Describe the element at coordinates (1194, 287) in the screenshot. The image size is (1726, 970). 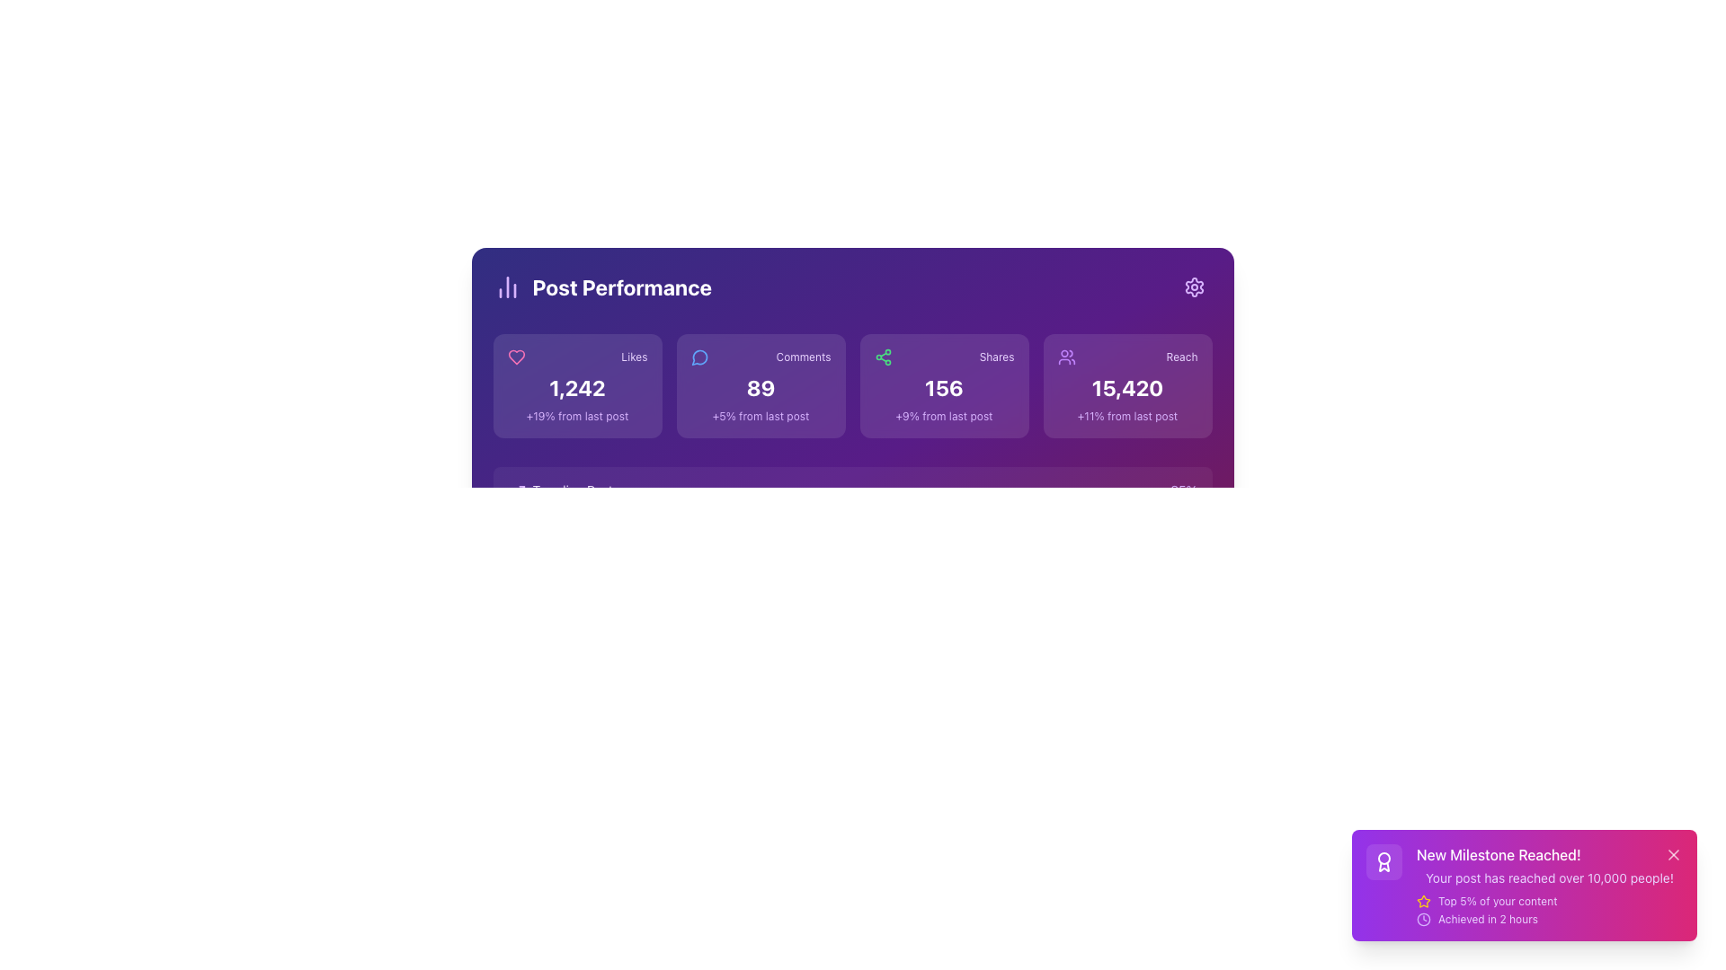
I see `the gear or cog icon located in the upper-right corner of the 'Post Performance' header section` at that location.